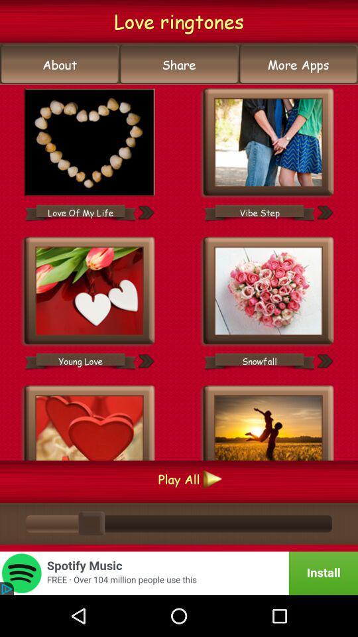  I want to click on snowfall, so click(259, 361).